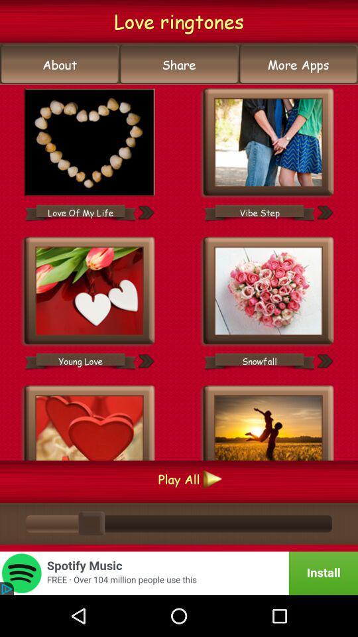  I want to click on snowfall, so click(259, 361).